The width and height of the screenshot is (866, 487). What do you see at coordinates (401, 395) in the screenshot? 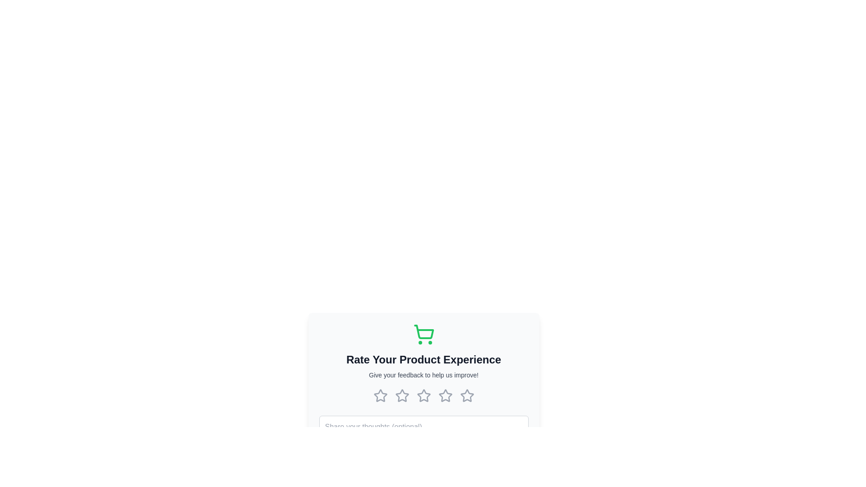
I see `the second star icon in the five-star rating system located beneath the rating prompt` at bounding box center [401, 395].